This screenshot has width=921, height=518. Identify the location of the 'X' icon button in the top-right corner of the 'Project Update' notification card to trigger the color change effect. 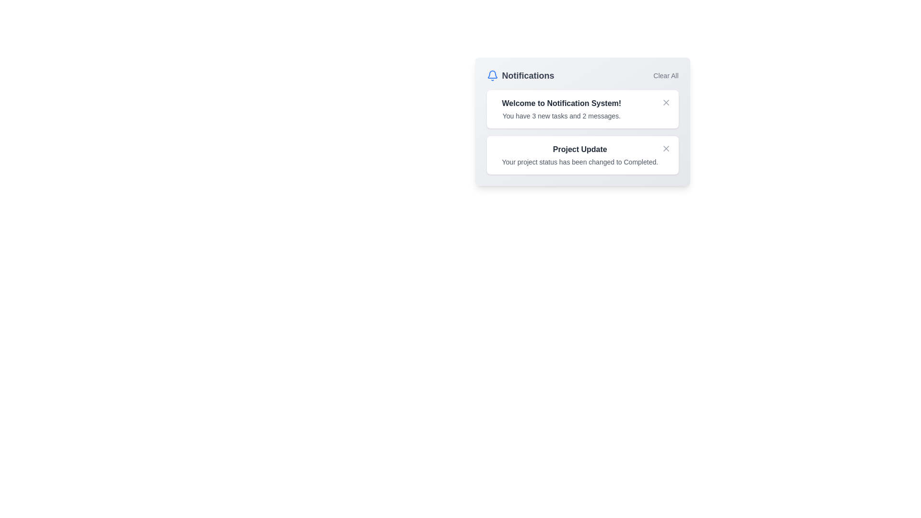
(665, 148).